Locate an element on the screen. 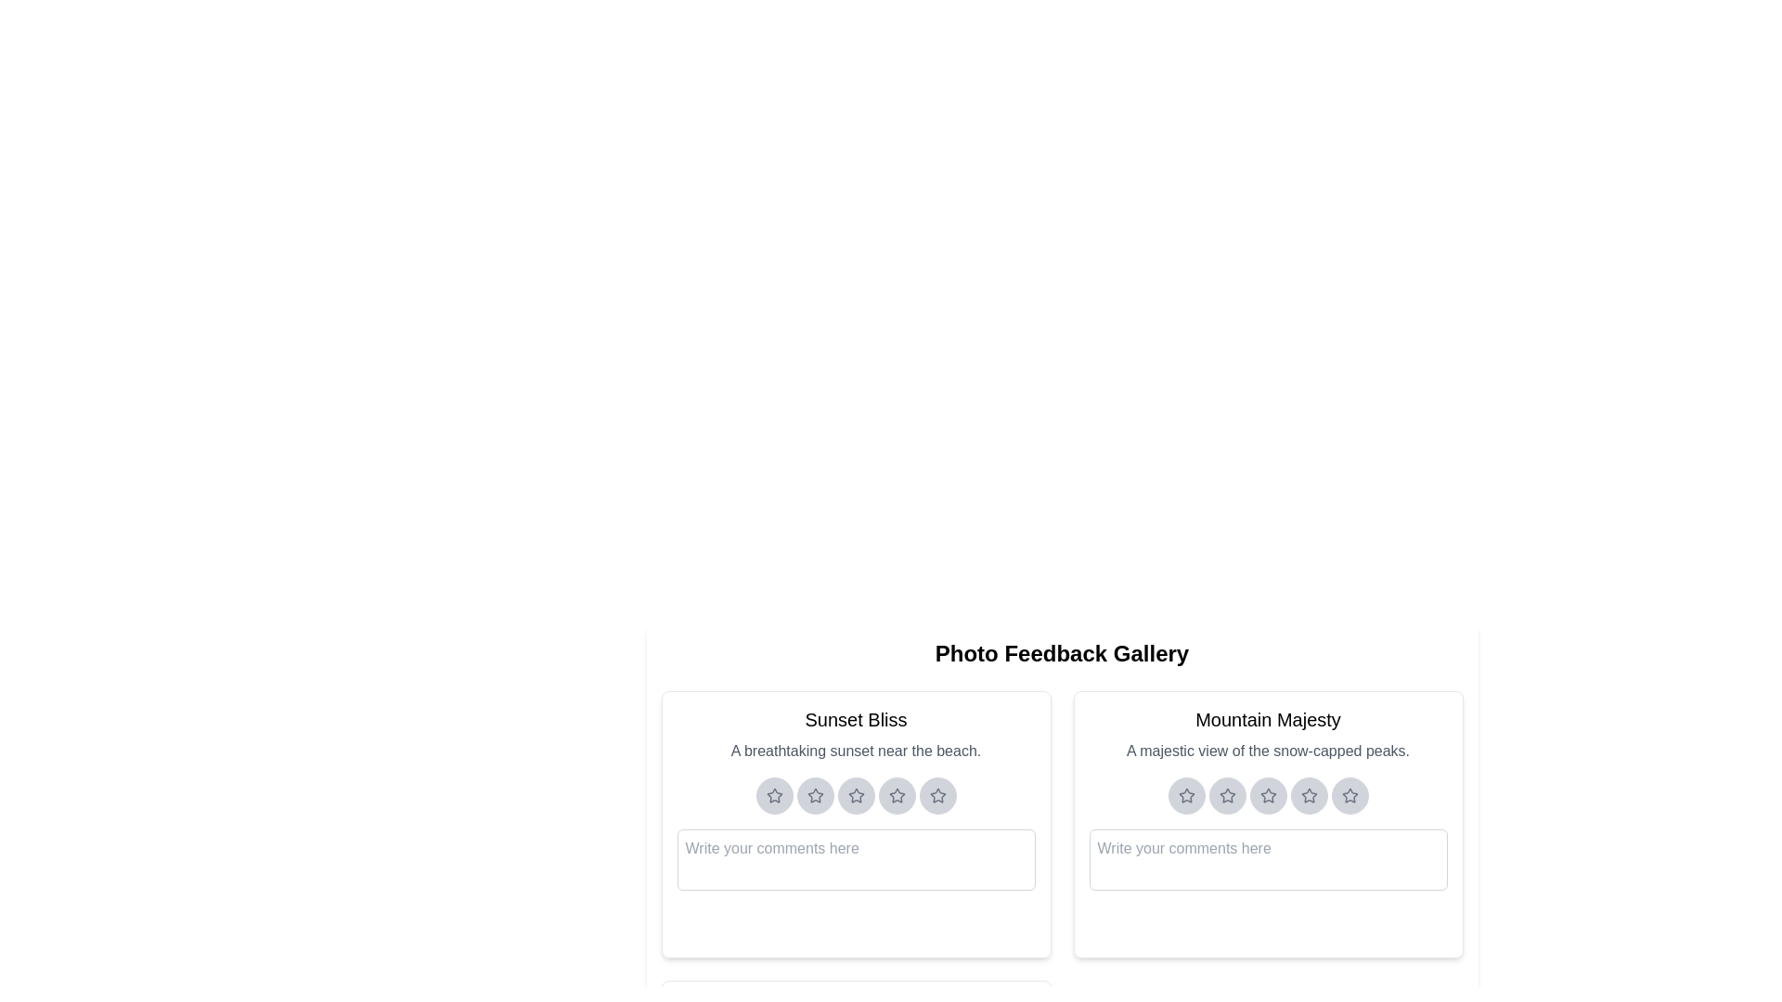 The height and width of the screenshot is (1002, 1782). the second star icon in the rating section for the item 'Sunset Bliss' to assign a rating is located at coordinates (815, 794).